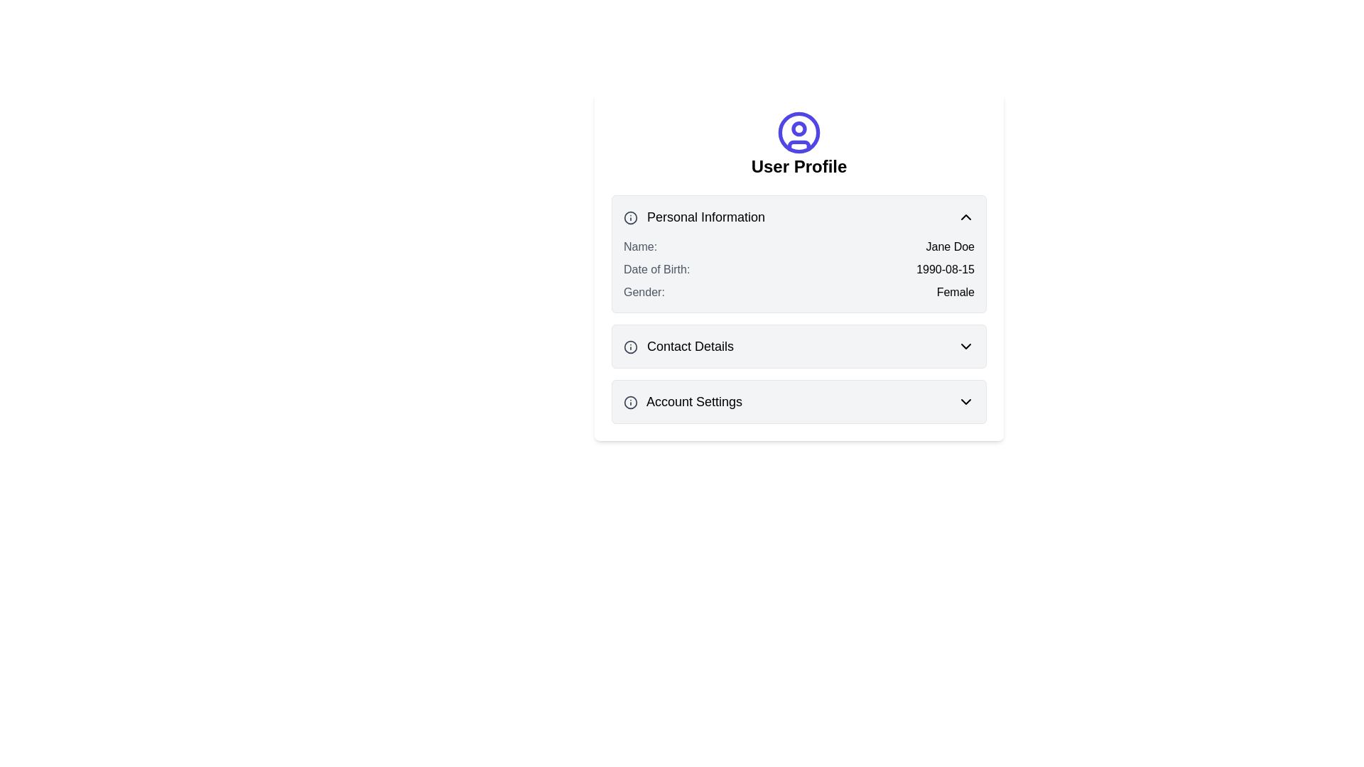  I want to click on the 'Date of Birth' text label located in the 'Personal Information' section, which is positioned between the 'Name:' and 'Gender:' labels, so click(656, 270).